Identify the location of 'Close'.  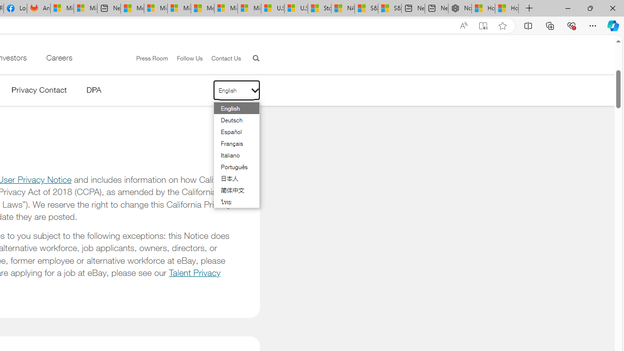
(612, 8).